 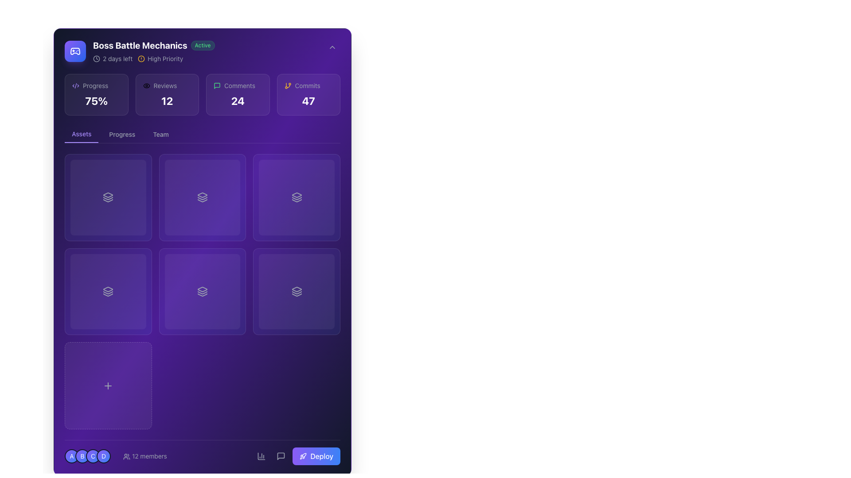 What do you see at coordinates (145, 456) in the screenshot?
I see `the interactive text component with an icon that displays the number of members in a group, located immediately to the right of profile icons 'A', 'B', 'C', and 'D'` at bounding box center [145, 456].